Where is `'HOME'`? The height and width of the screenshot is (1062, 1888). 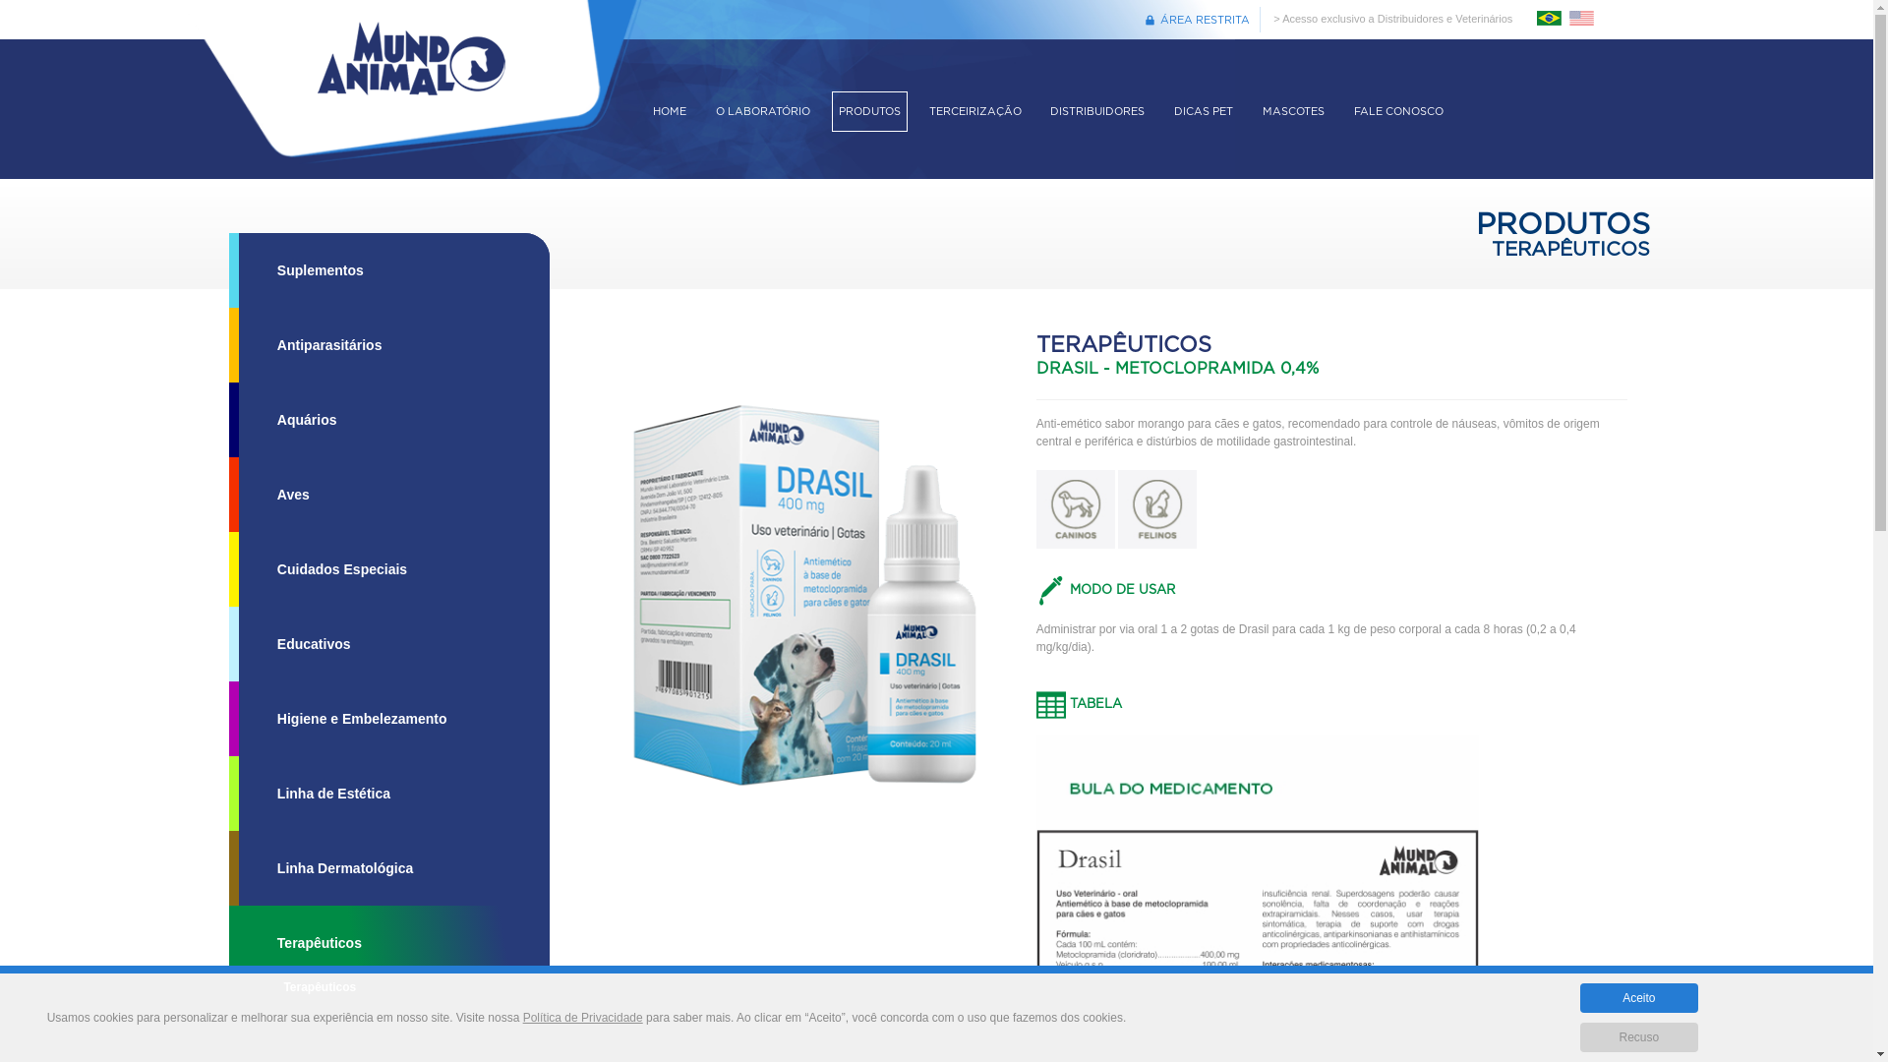 'HOME' is located at coordinates (670, 111).